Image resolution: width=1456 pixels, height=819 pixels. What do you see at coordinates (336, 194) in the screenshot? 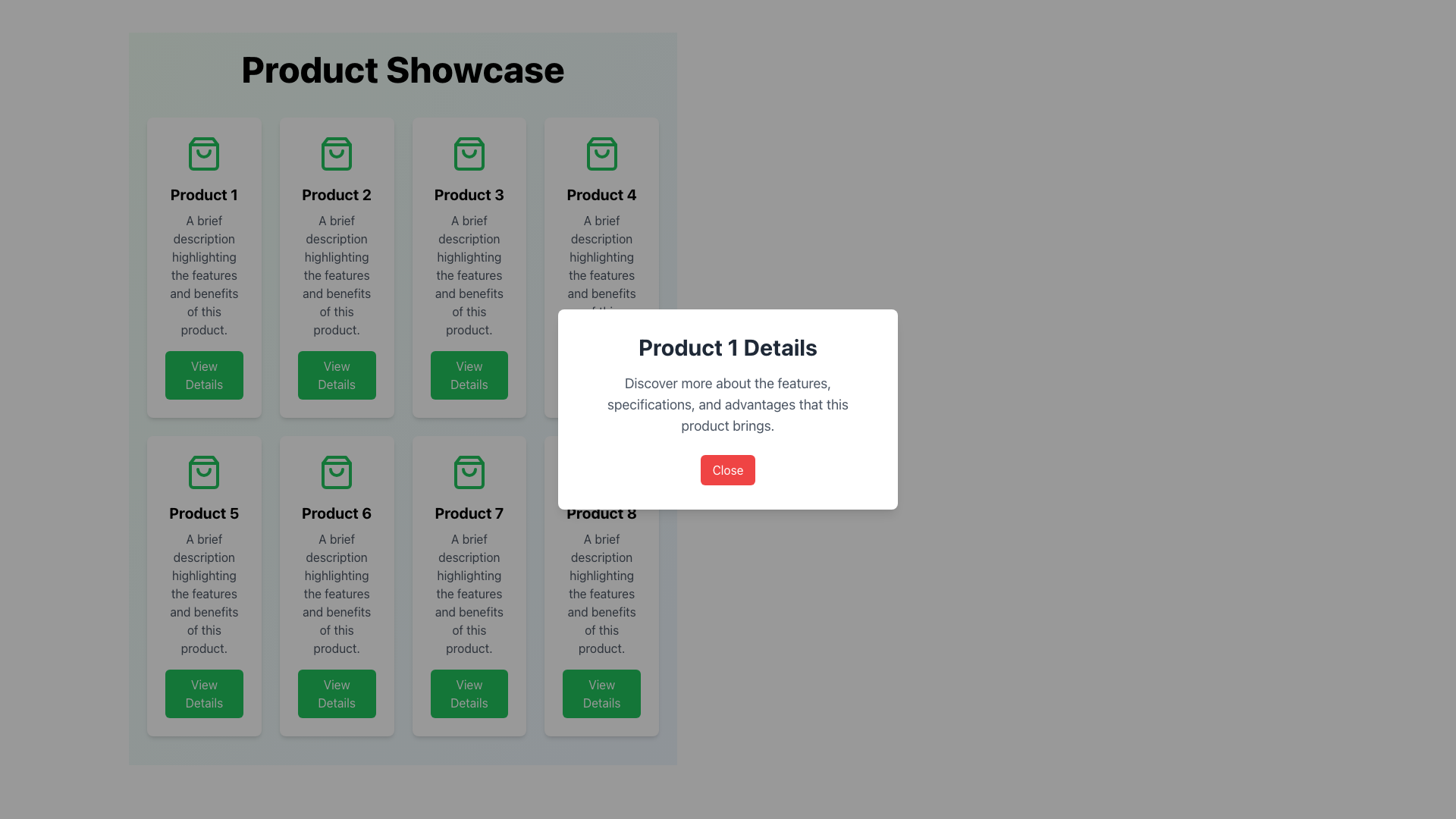
I see `text label 'Product 2' which is styled with a bold and larger font size, located in the second product card of a 4x2 grid layout, positioned between the shopping bag icon and the 'View Details' button` at bounding box center [336, 194].